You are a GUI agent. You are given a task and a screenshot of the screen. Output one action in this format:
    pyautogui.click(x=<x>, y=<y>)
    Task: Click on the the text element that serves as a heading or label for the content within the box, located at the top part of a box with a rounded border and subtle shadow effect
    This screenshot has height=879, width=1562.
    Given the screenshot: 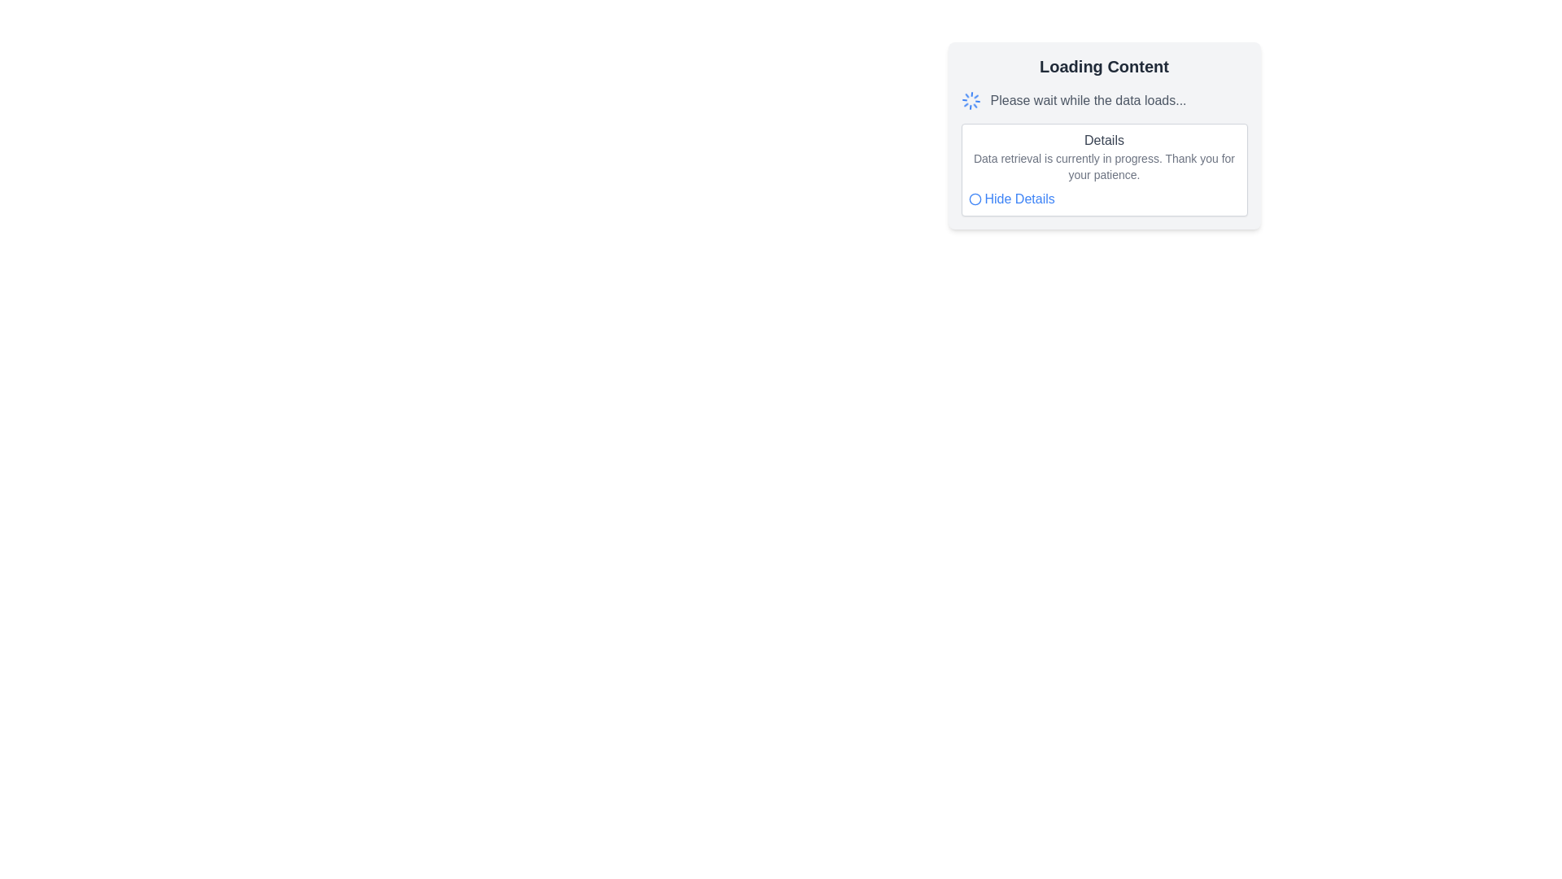 What is the action you would take?
    pyautogui.click(x=1104, y=140)
    